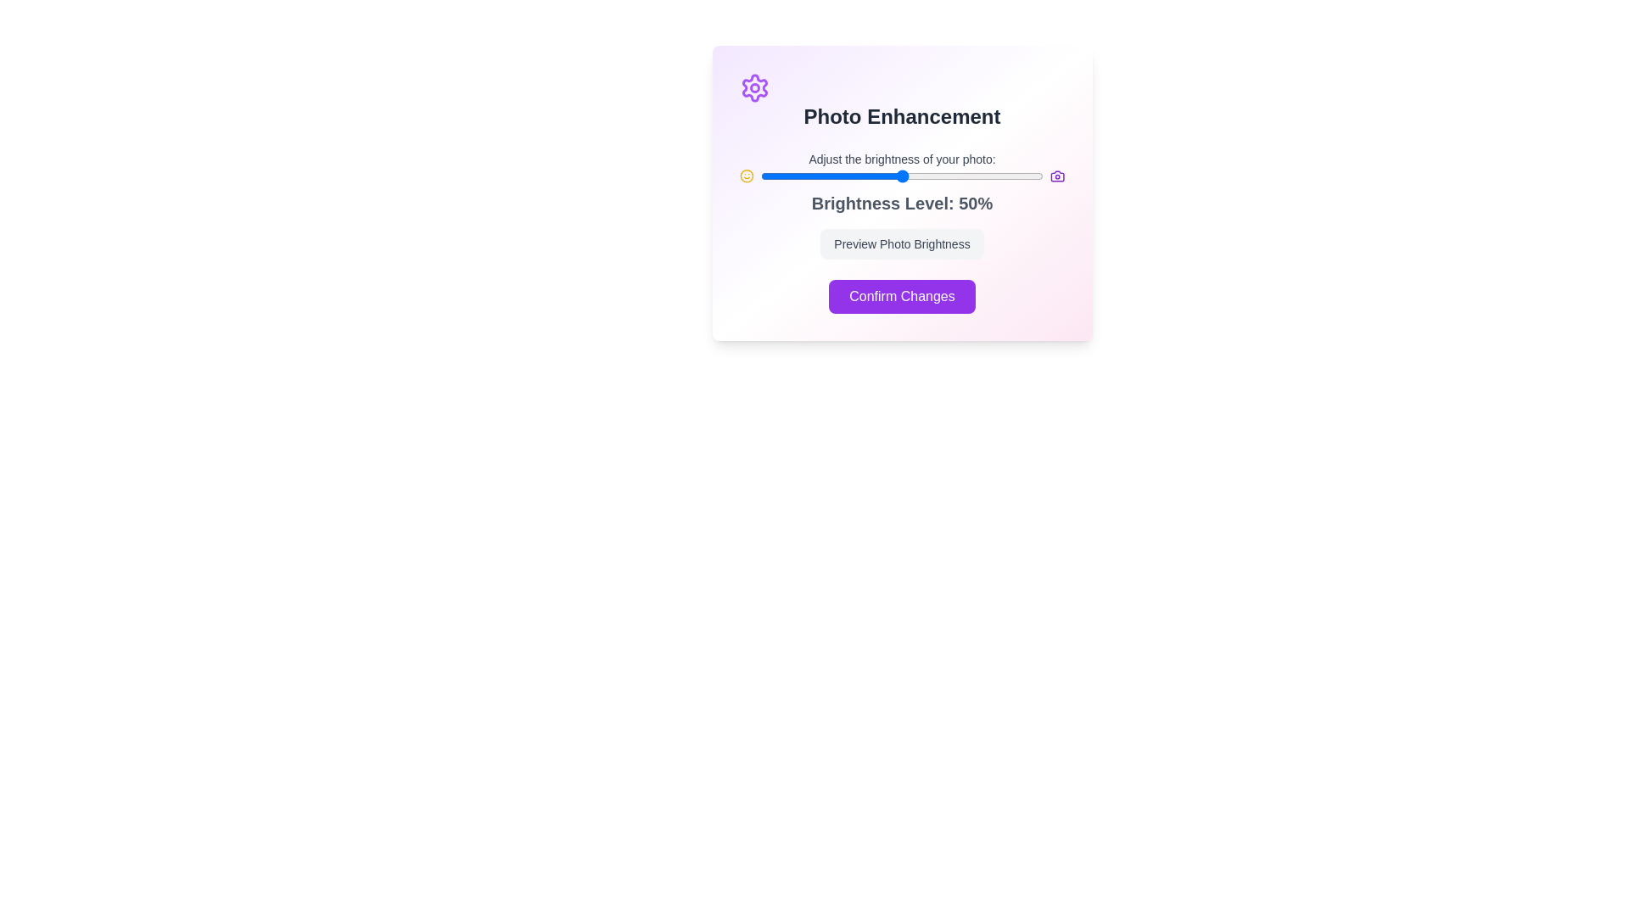  I want to click on 'Preview Photo Brightness' button, so click(901, 244).